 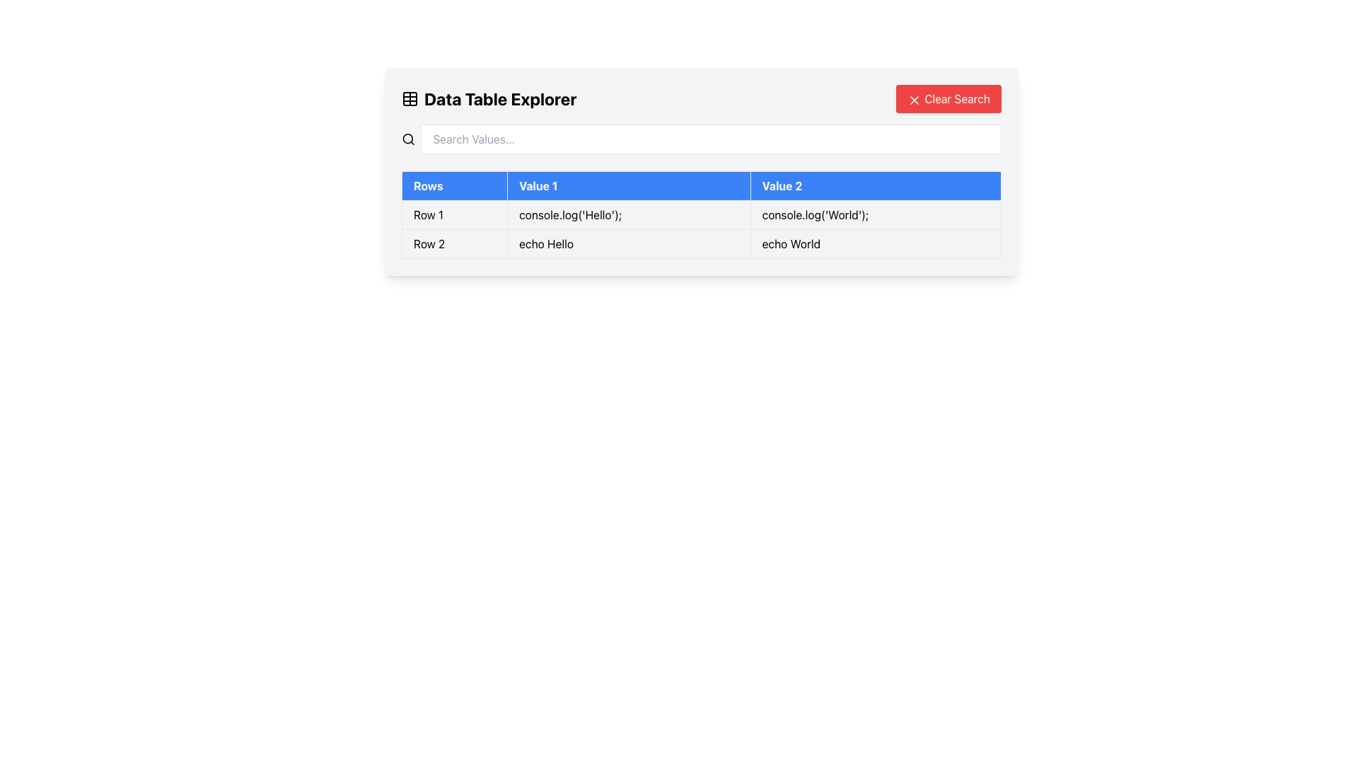 I want to click on the search icon positioned immediately to the left of the 'Search Values...' input field, so click(x=407, y=139).